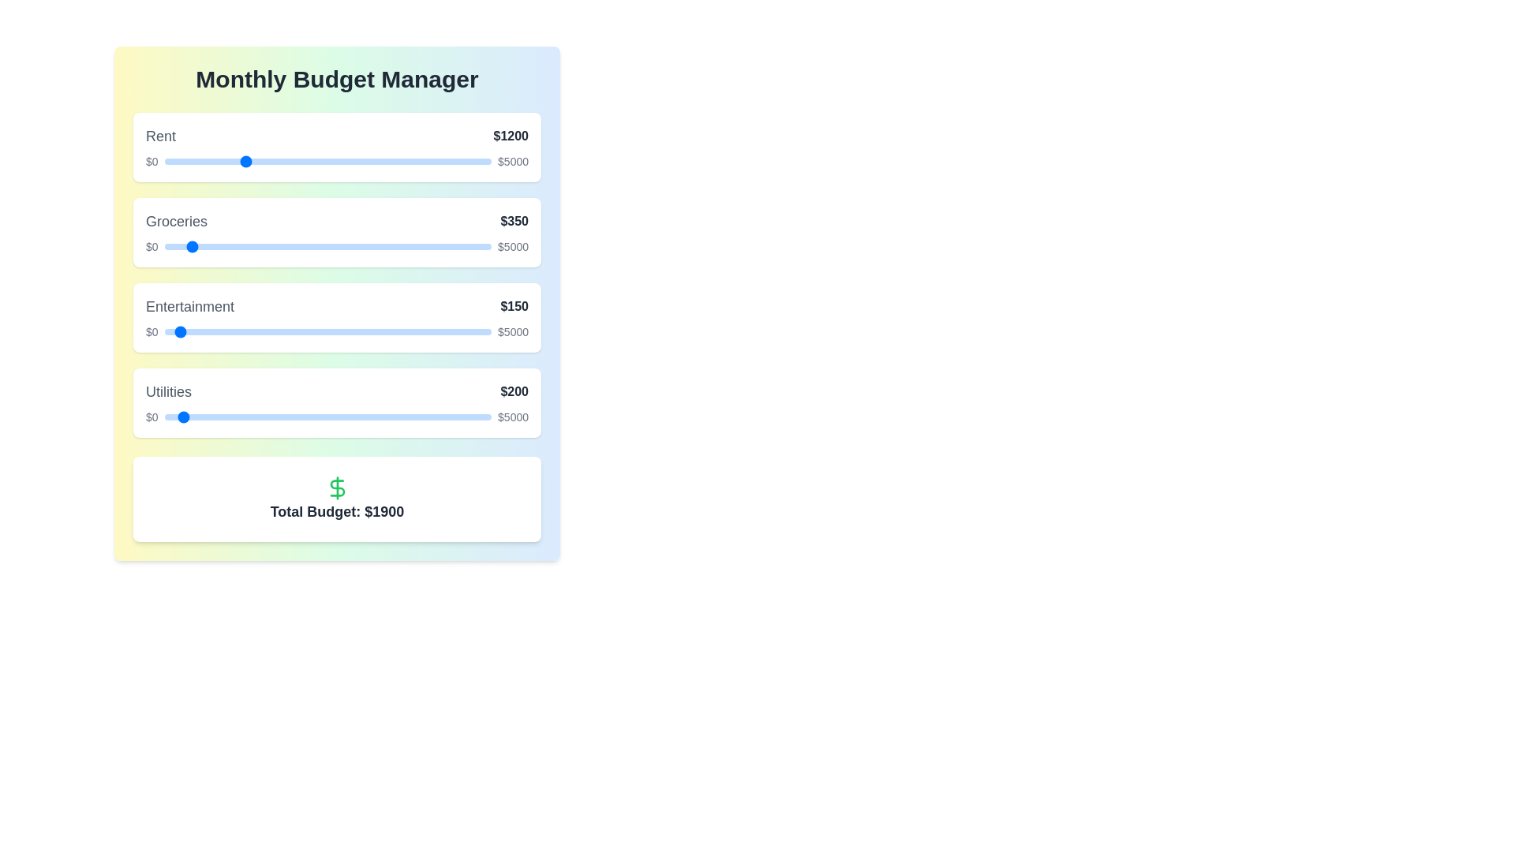 This screenshot has height=852, width=1515. Describe the element at coordinates (336, 416) in the screenshot. I see `the slider input for the Utilities budget, located directly below the title 'Utilities' and the text '$200'` at that location.